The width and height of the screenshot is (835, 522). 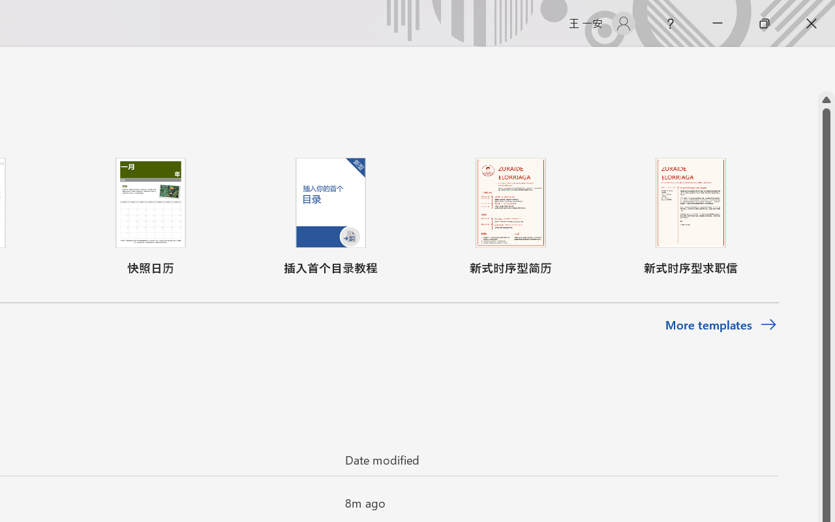 I want to click on 'Help', so click(x=670, y=23).